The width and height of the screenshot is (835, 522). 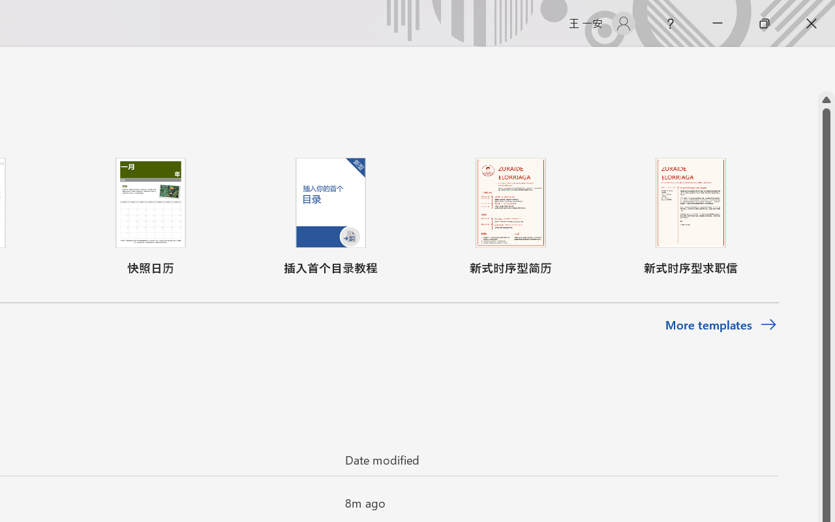 I want to click on 'Help', so click(x=670, y=23).